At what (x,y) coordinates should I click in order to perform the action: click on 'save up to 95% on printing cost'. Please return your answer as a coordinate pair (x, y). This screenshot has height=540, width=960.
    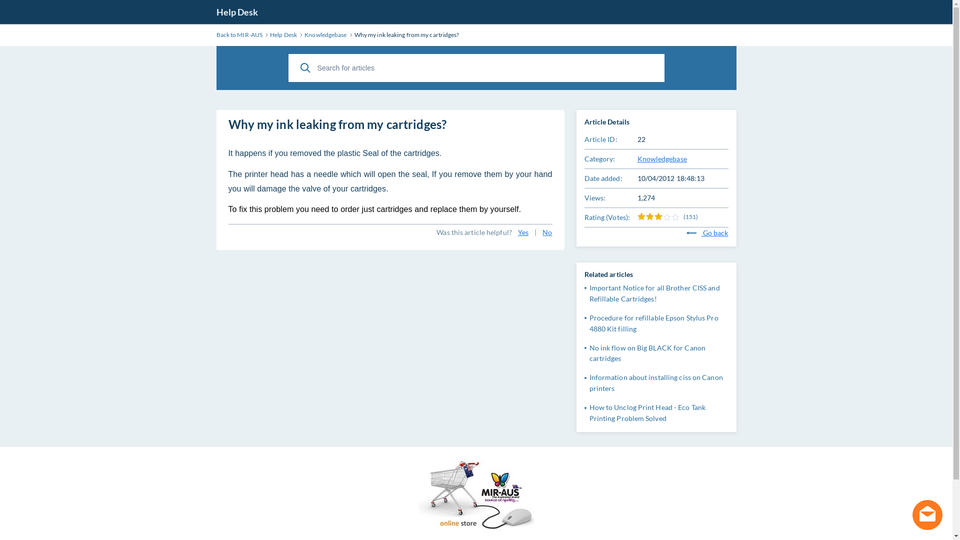
    Looking at the image, I should click on (475, 497).